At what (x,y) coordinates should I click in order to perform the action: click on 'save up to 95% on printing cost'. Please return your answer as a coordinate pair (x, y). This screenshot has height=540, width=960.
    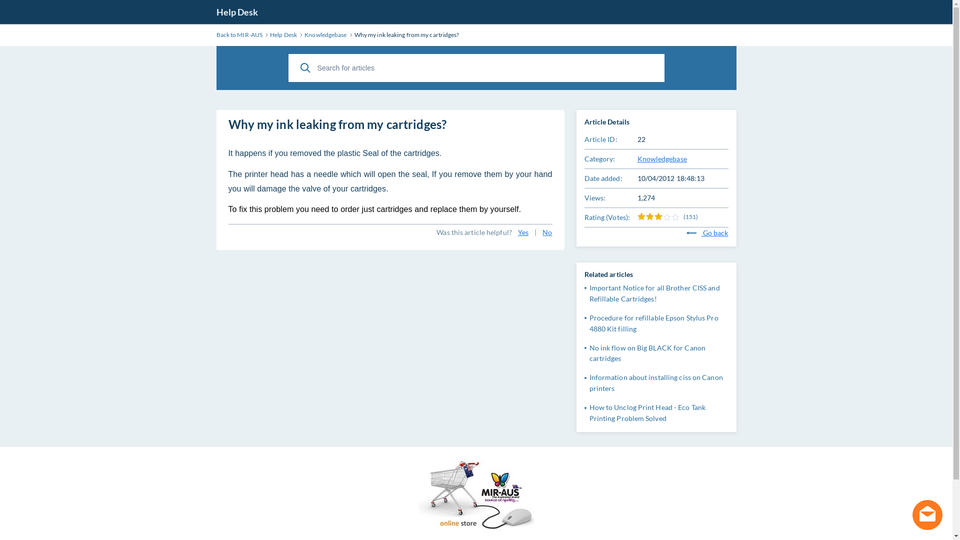
    Looking at the image, I should click on (475, 497).